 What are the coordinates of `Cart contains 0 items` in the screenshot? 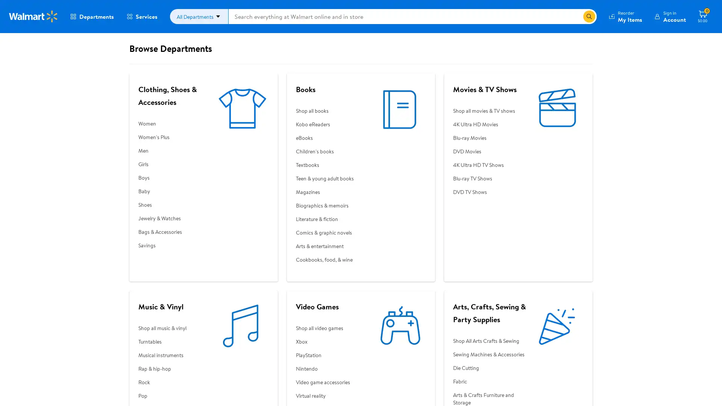 It's located at (702, 16).